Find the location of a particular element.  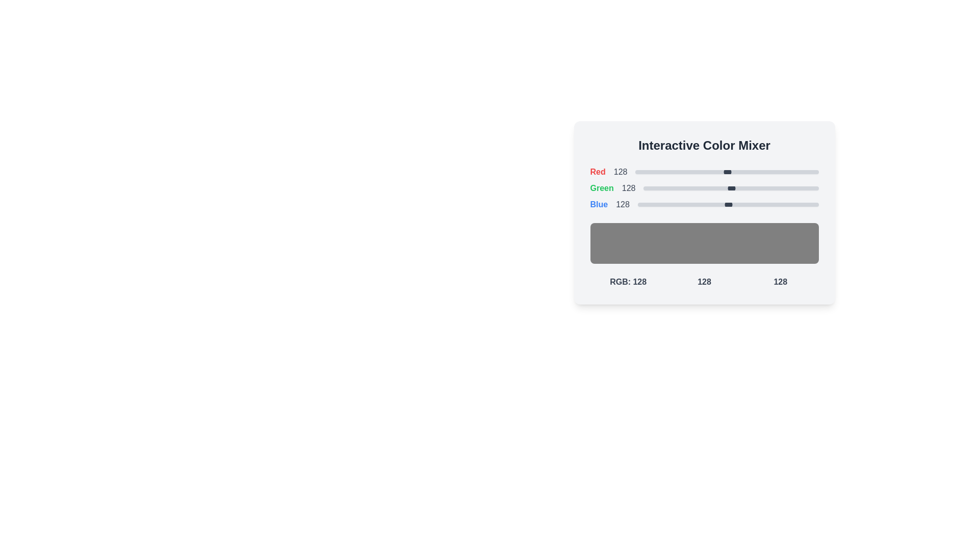

the 'Green' label, which displays the text in a bold green font, located in the 'Interactive Color Mixer' panel, positioned above the green intensity slider and to the left of the numeric value '128' is located at coordinates (602, 188).